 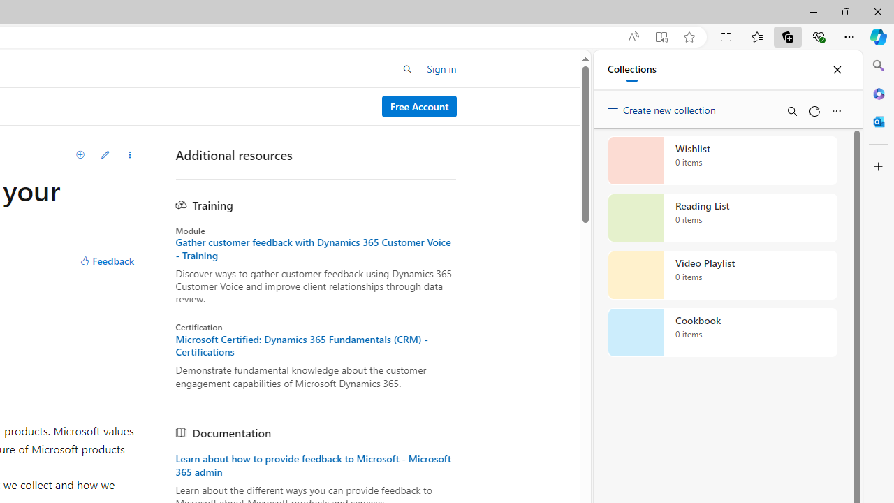 I want to click on 'Sign in', so click(x=441, y=68).